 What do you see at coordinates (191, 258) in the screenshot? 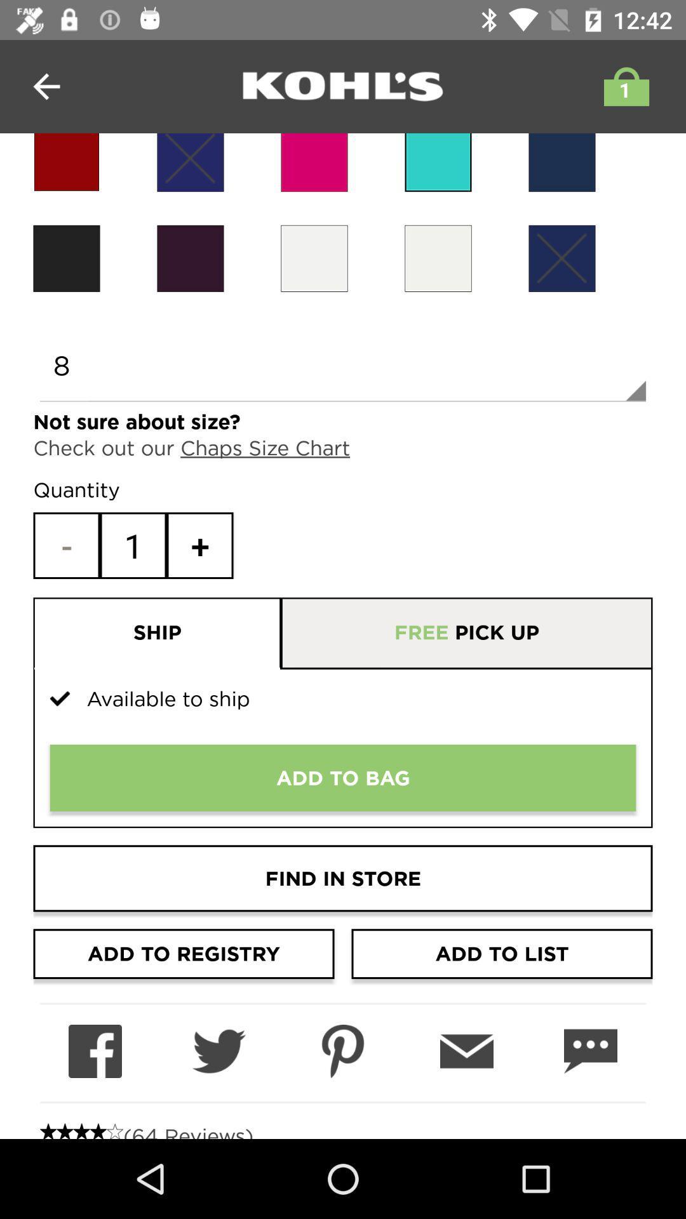
I see `brown color` at bounding box center [191, 258].